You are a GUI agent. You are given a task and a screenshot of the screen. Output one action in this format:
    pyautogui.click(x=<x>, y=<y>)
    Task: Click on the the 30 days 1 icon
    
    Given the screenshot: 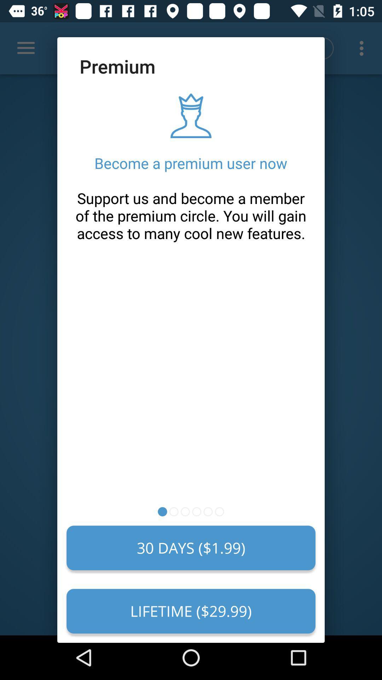 What is the action you would take?
    pyautogui.click(x=191, y=548)
    